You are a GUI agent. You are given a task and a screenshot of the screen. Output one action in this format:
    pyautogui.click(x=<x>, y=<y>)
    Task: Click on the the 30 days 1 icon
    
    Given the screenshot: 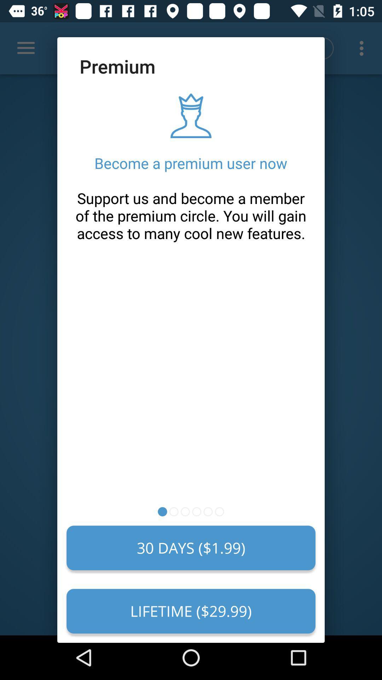 What is the action you would take?
    pyautogui.click(x=191, y=548)
    